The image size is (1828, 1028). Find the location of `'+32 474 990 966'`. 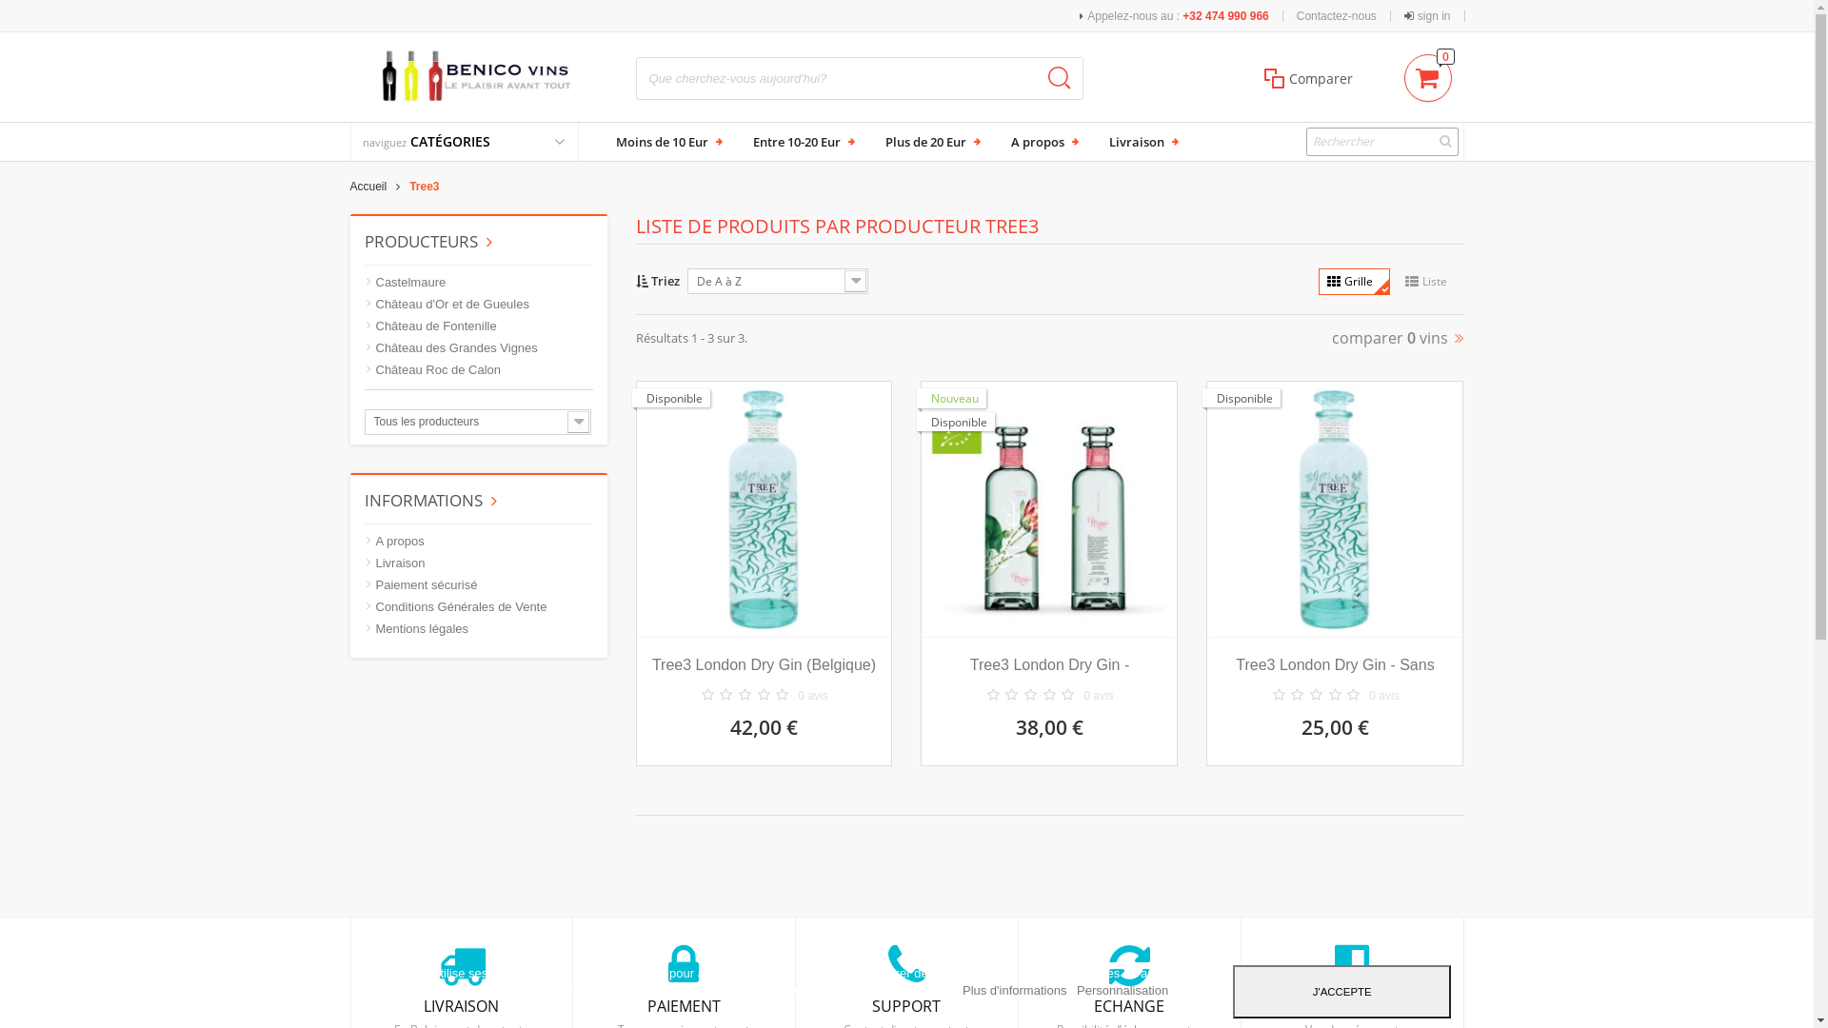

'+32 474 990 966' is located at coordinates (1224, 15).